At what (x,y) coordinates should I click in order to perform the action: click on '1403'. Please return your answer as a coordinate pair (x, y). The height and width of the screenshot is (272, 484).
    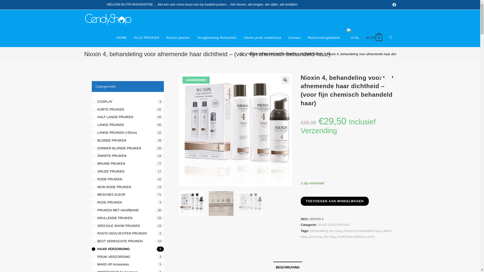
    Looking at the image, I should click on (308, 13).